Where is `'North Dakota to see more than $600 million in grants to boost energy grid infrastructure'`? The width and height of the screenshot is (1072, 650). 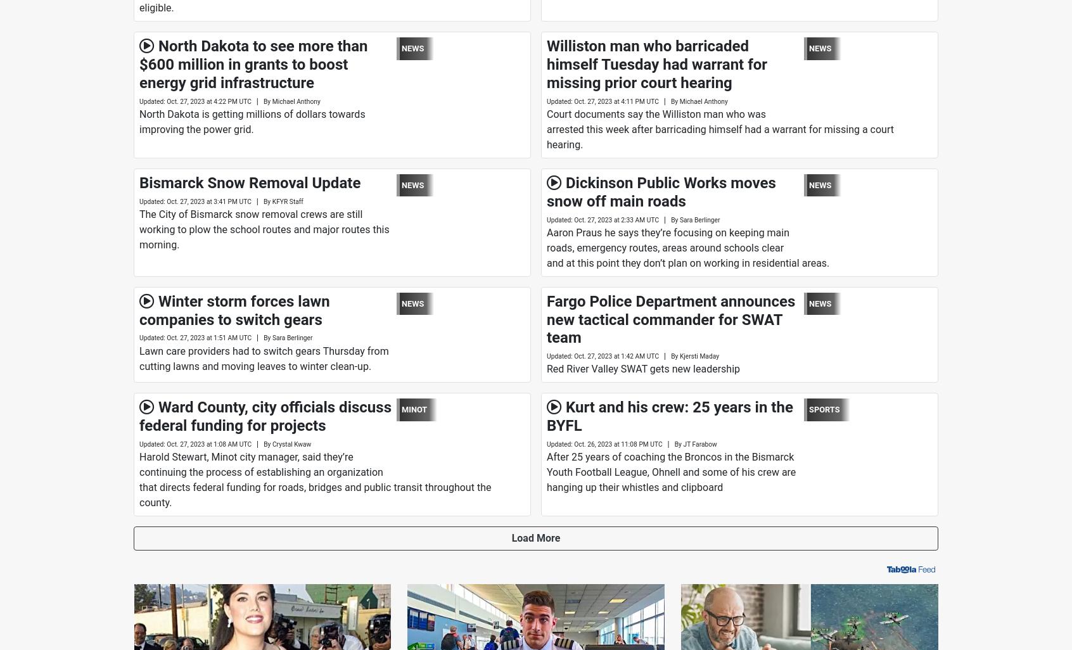
'North Dakota to see more than $600 million in grants to boost energy grid infrastructure' is located at coordinates (253, 63).